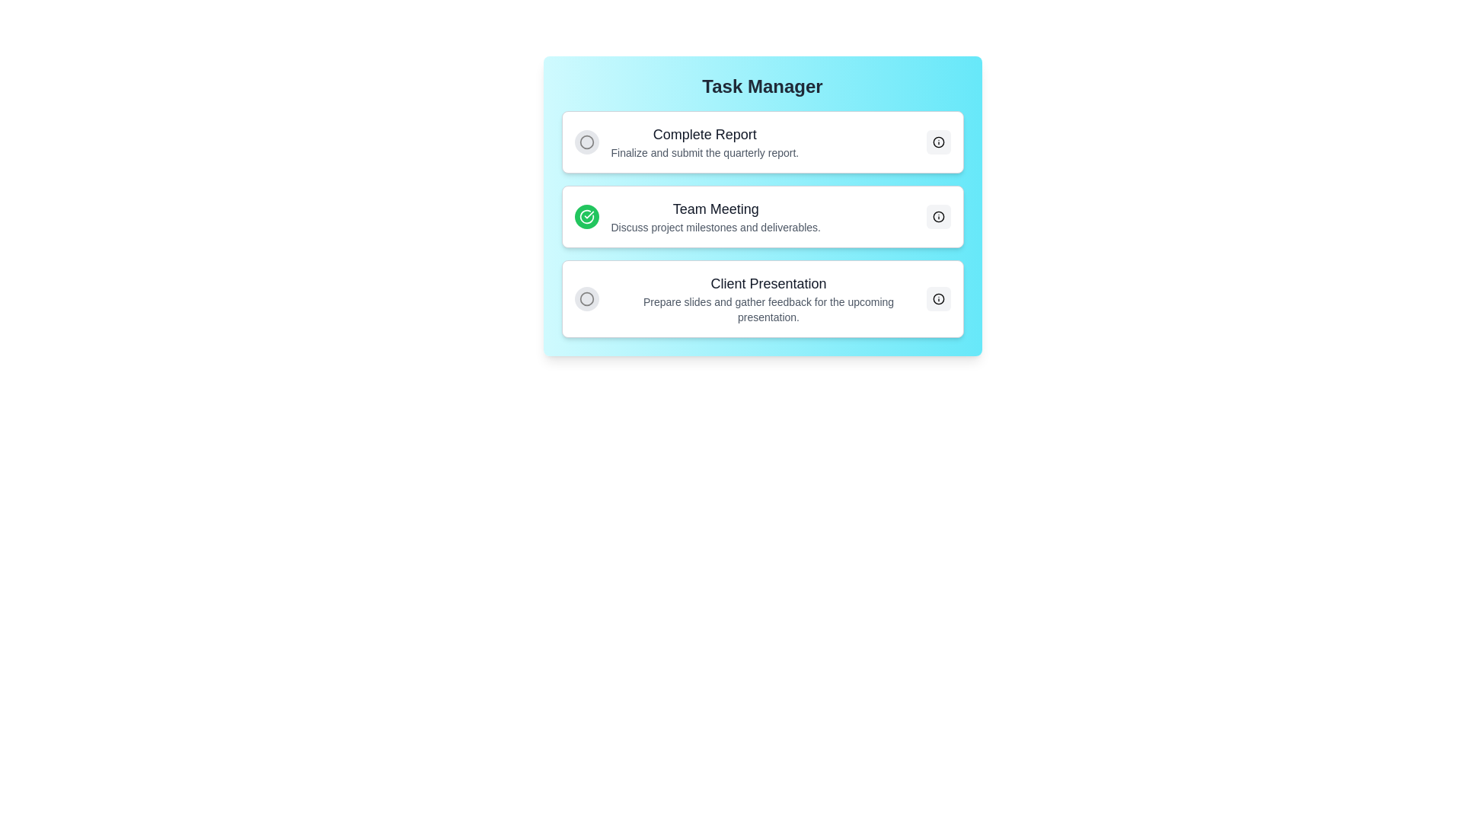 The height and width of the screenshot is (822, 1462). Describe the element at coordinates (762, 299) in the screenshot. I see `the Information card displaying details of the task labeled 'Client Presentation' located in the 'Task Manager' section` at that location.